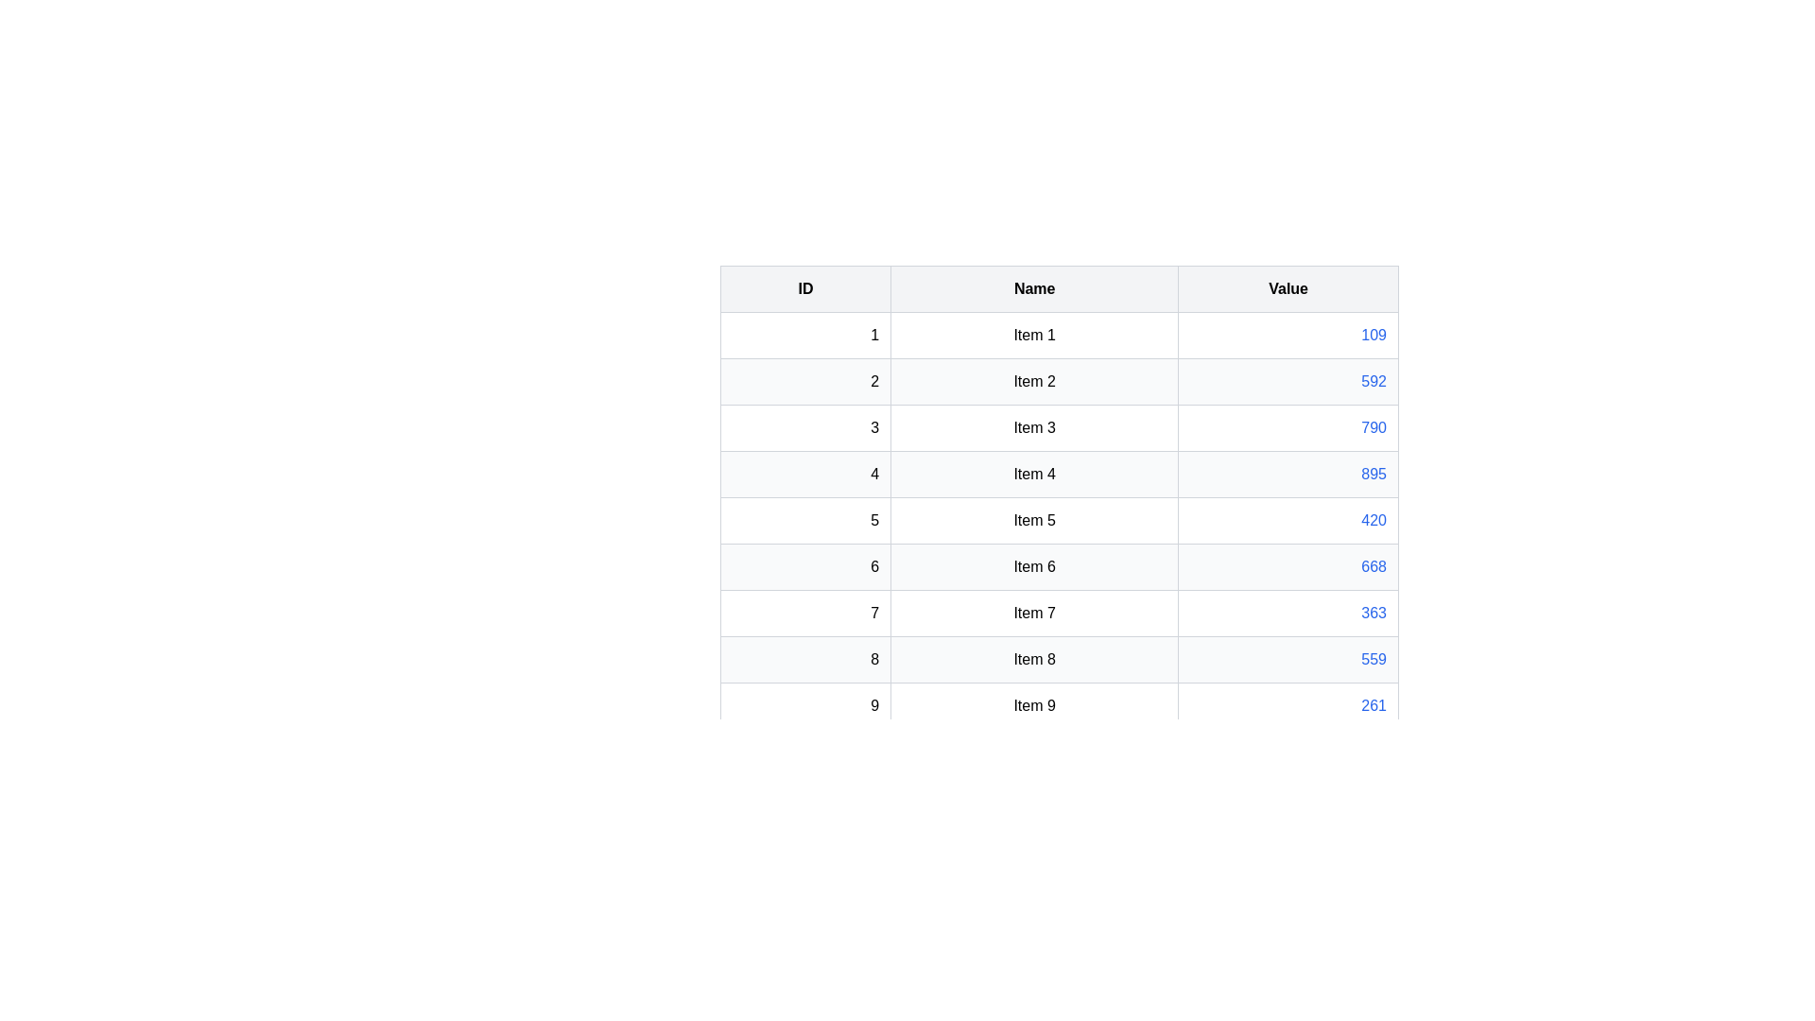 The width and height of the screenshot is (1815, 1021). Describe the element at coordinates (1033, 288) in the screenshot. I see `the column header Name to sort the table by that column` at that location.